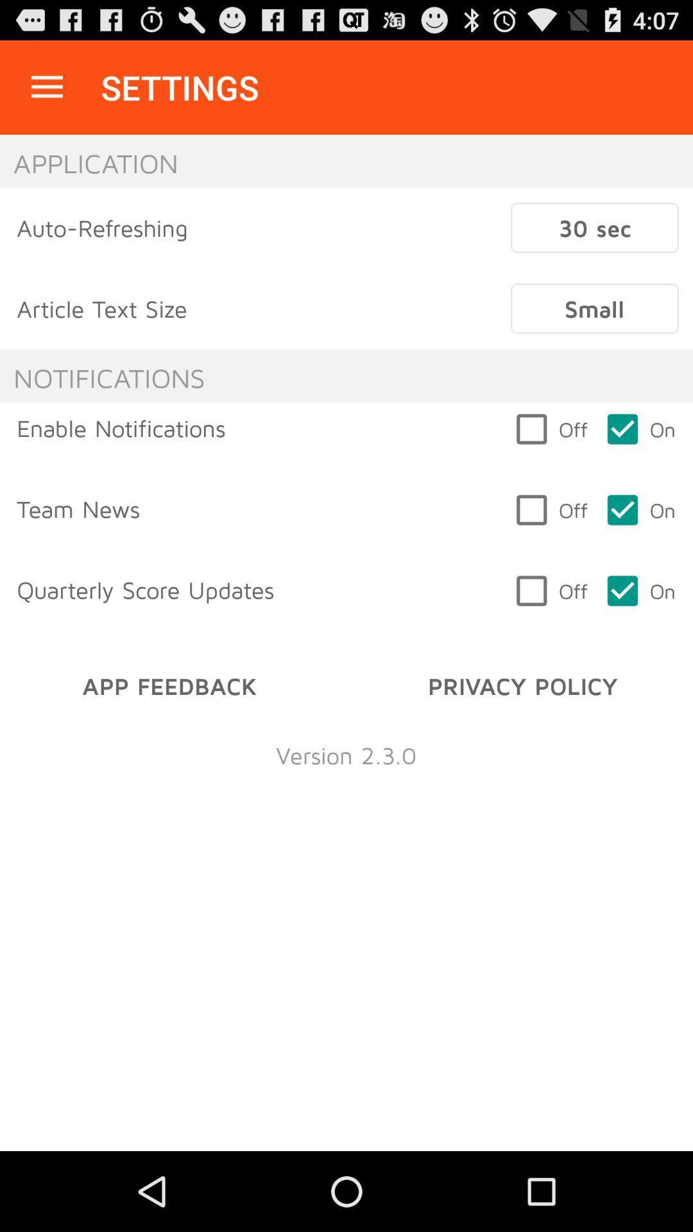 Image resolution: width=693 pixels, height=1232 pixels. What do you see at coordinates (46, 87) in the screenshot?
I see `icon to the left of settings app` at bounding box center [46, 87].